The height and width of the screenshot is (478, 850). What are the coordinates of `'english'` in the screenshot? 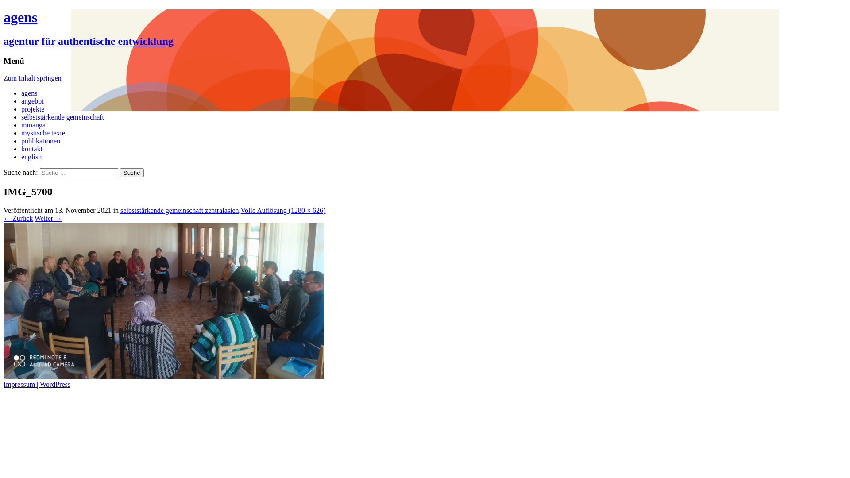 It's located at (31, 156).